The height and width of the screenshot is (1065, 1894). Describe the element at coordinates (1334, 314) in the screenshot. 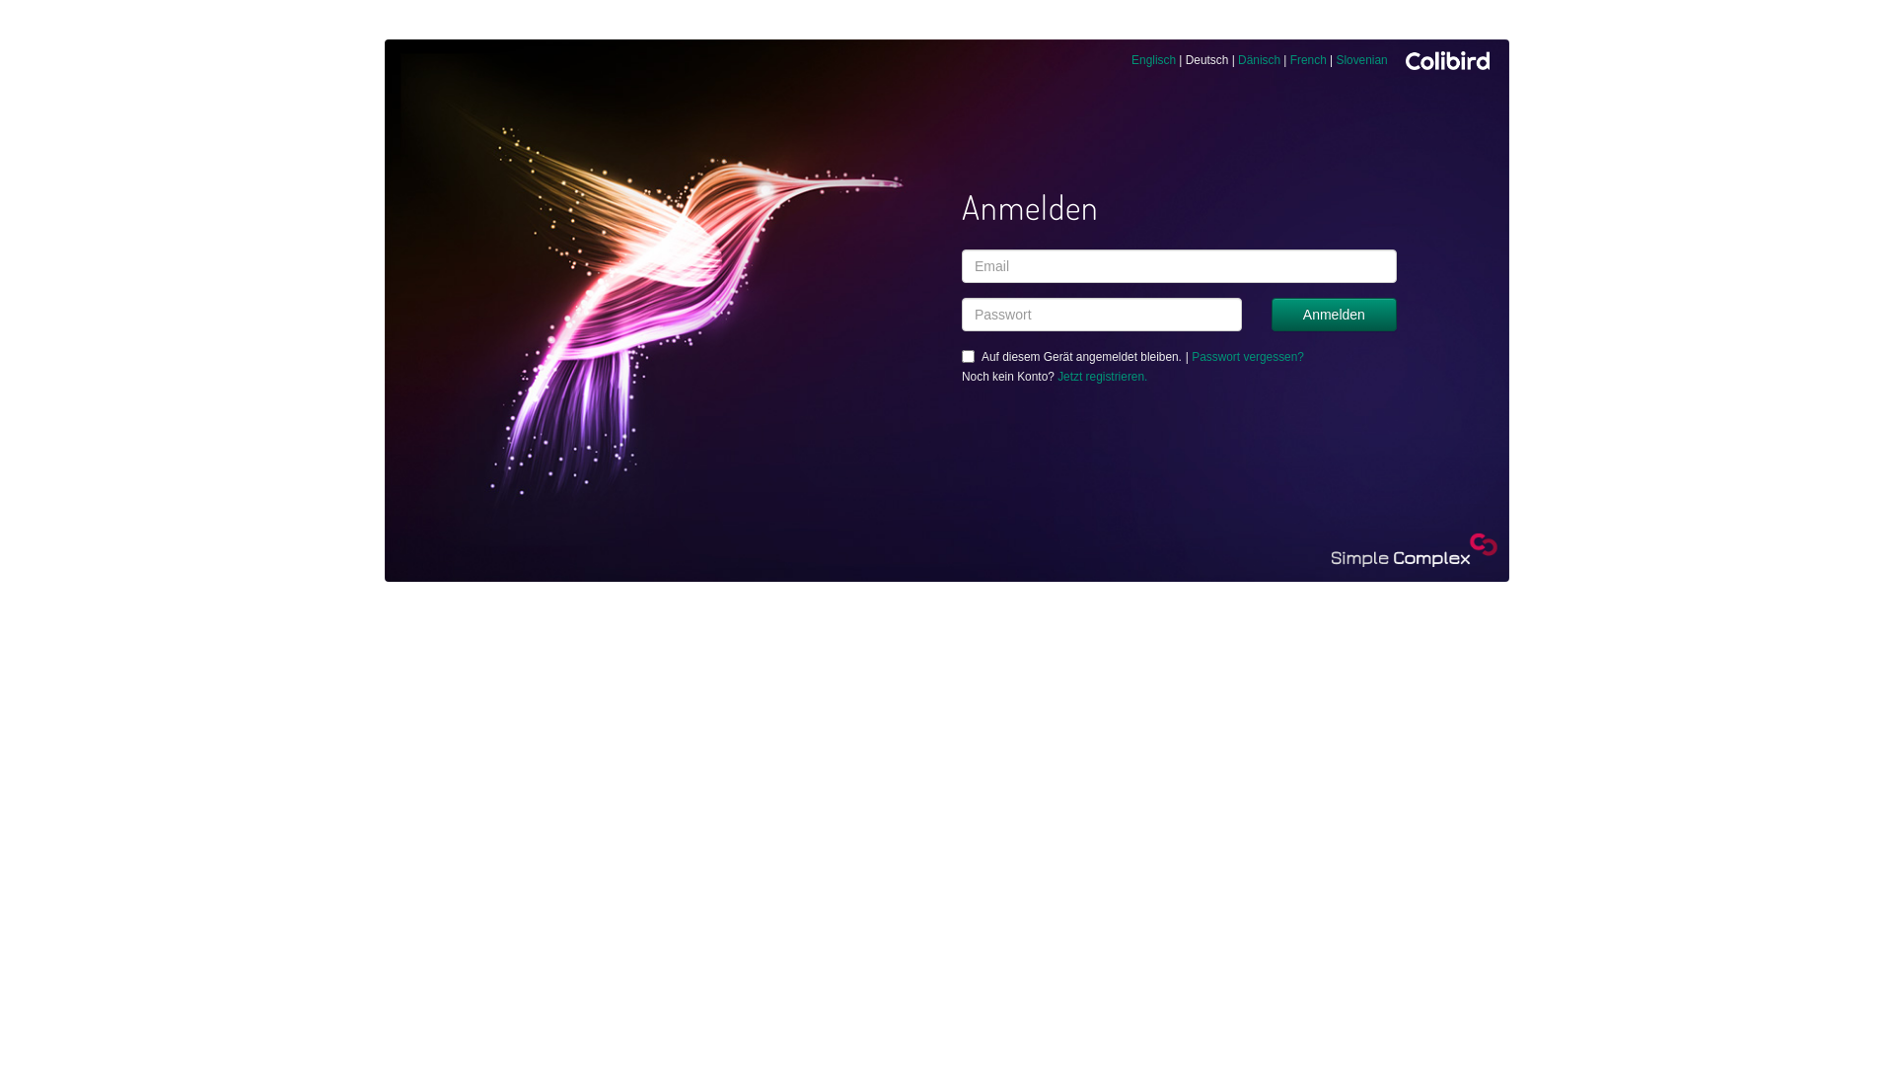

I see `'Anmelden'` at that location.